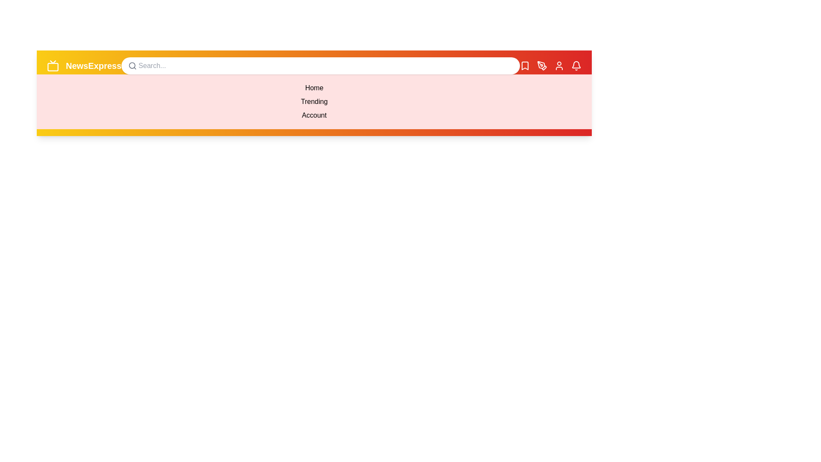 This screenshot has width=821, height=462. I want to click on the search bar and type the query 'example query', so click(320, 65).